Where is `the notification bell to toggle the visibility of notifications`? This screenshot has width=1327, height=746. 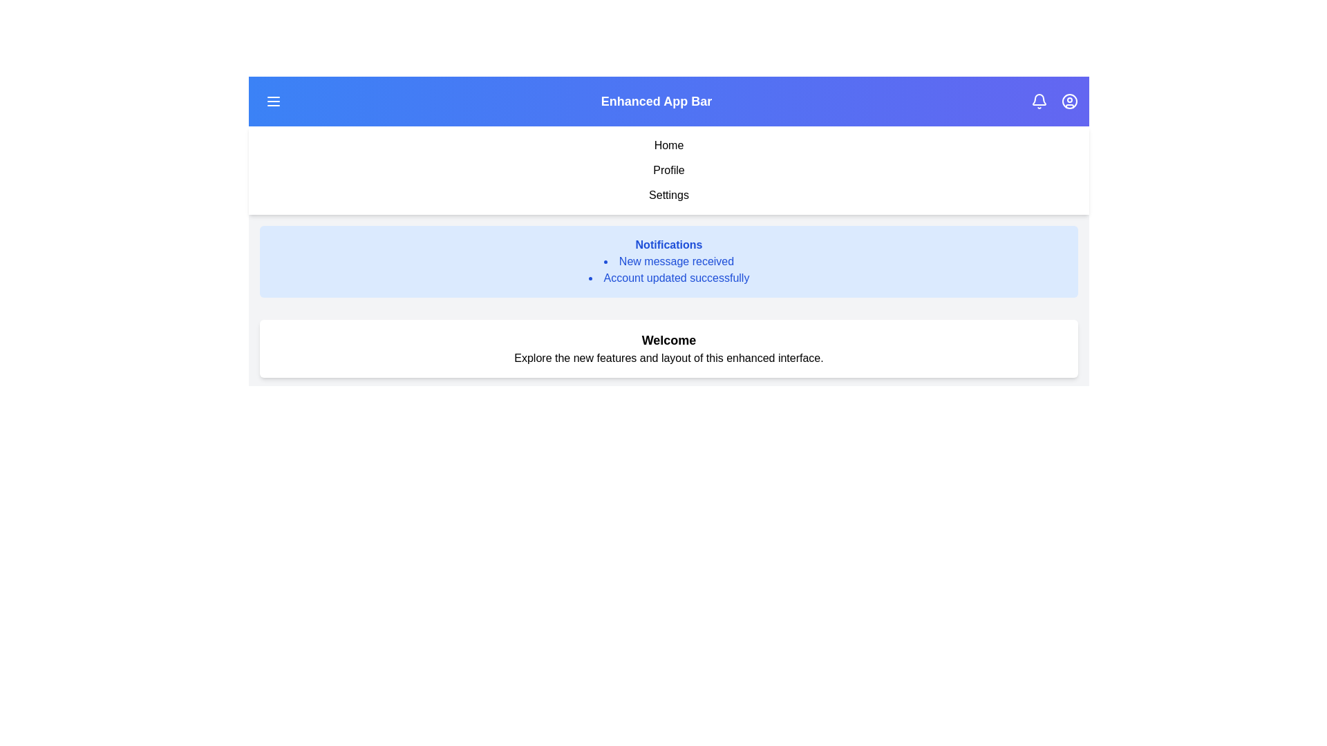 the notification bell to toggle the visibility of notifications is located at coordinates (1039, 100).